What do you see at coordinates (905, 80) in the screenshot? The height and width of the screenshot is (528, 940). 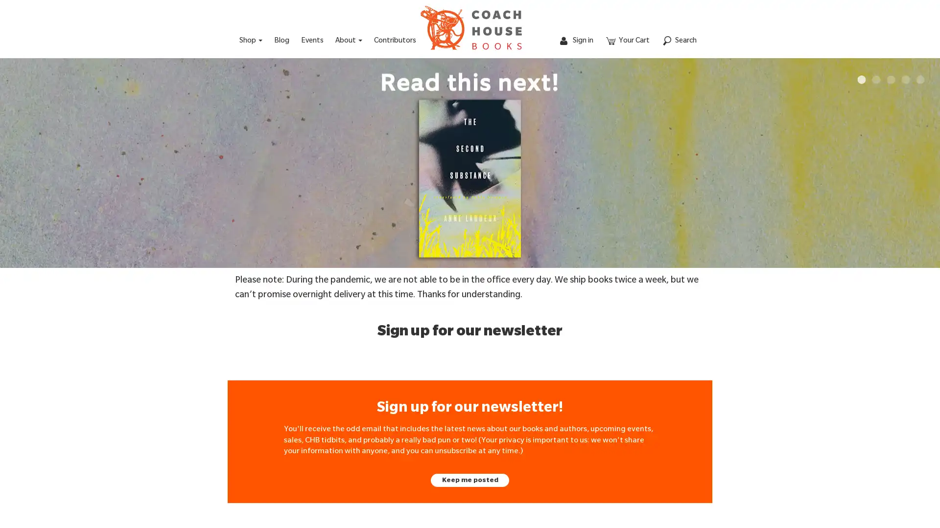 I see `4` at bounding box center [905, 80].